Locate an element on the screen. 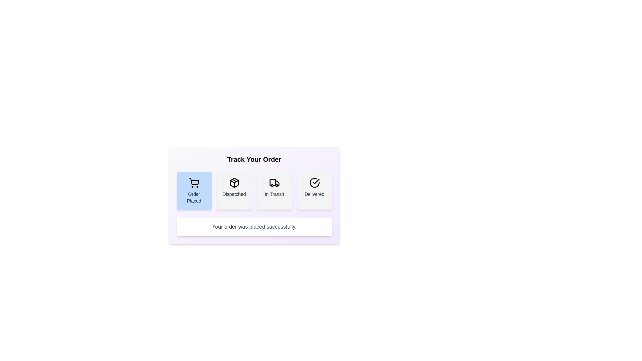 This screenshot has width=642, height=361. the In Transit button to reveal details or animations is located at coordinates (274, 191).